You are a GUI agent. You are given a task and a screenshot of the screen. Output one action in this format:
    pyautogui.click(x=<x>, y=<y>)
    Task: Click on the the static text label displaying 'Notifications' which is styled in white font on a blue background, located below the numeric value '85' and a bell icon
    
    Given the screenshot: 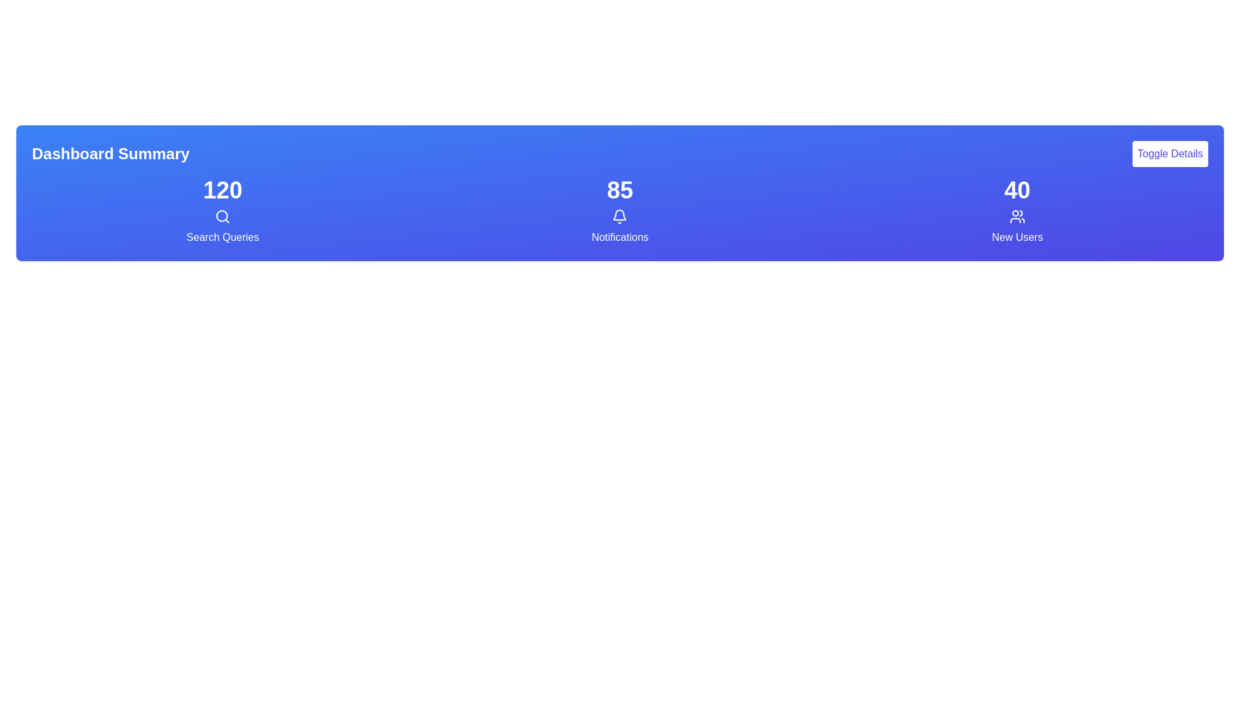 What is the action you would take?
    pyautogui.click(x=619, y=237)
    